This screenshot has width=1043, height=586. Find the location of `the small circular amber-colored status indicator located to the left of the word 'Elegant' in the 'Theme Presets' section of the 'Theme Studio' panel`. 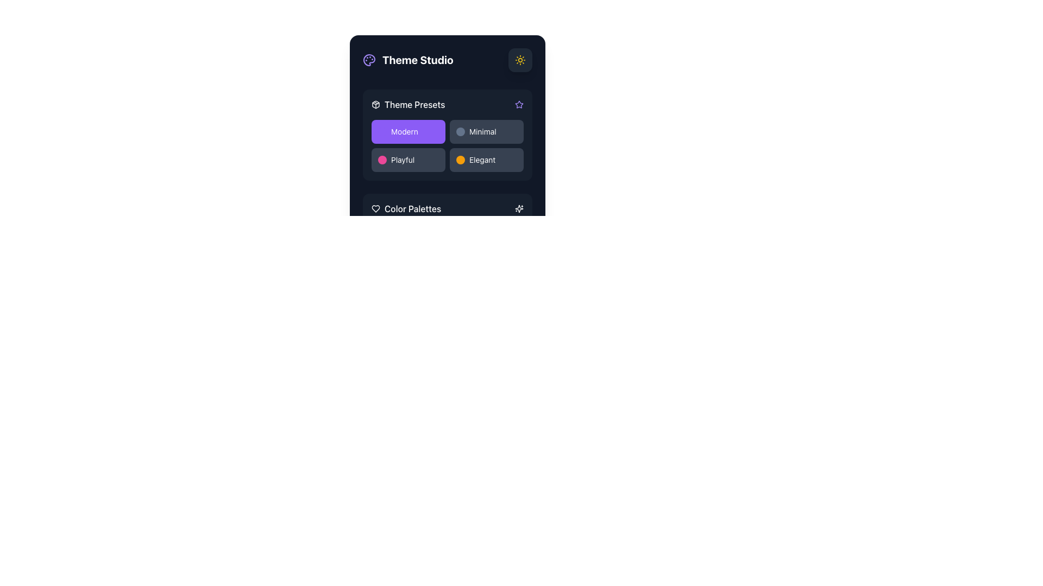

the small circular amber-colored status indicator located to the left of the word 'Elegant' in the 'Theme Presets' section of the 'Theme Studio' panel is located at coordinates (461, 160).